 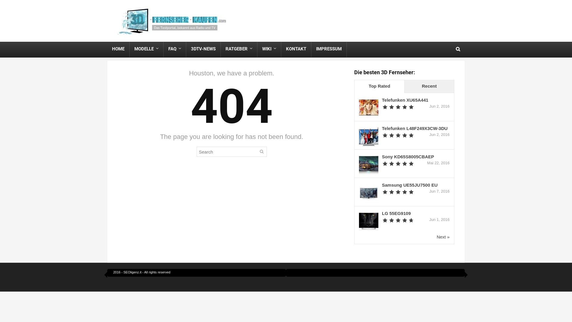 I want to click on 'WIKI', so click(x=269, y=49).